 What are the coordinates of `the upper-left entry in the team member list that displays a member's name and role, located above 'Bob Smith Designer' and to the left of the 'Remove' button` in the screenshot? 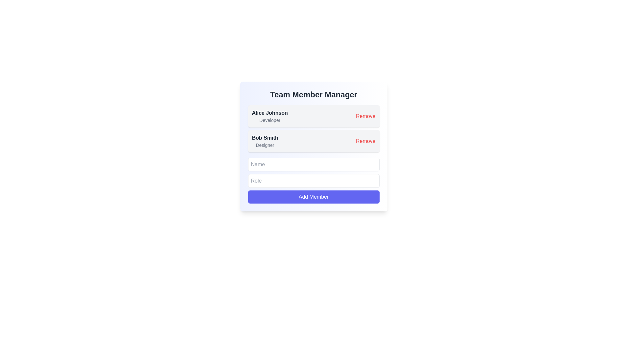 It's located at (270, 116).